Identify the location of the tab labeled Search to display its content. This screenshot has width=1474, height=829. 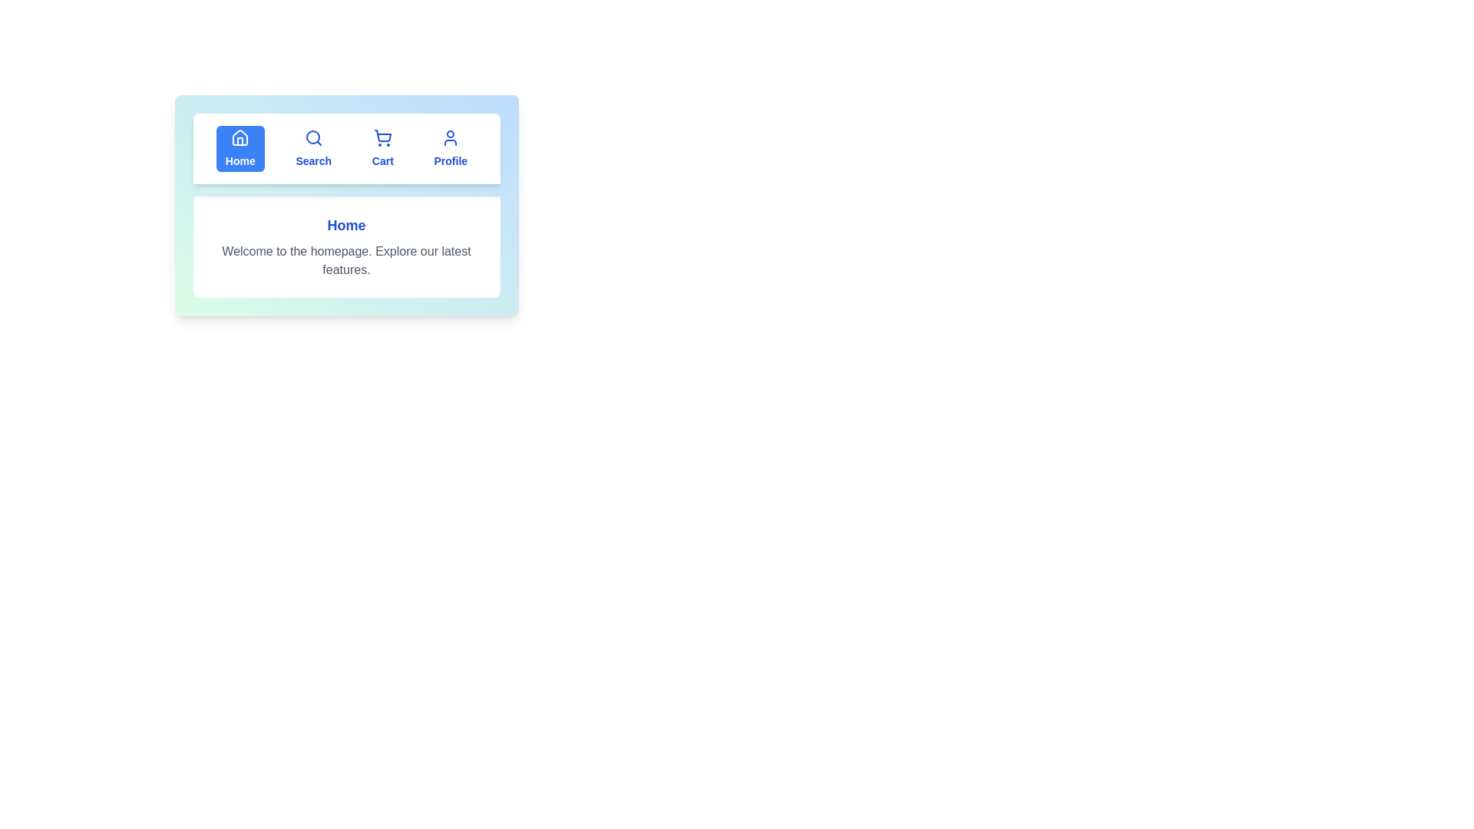
(312, 148).